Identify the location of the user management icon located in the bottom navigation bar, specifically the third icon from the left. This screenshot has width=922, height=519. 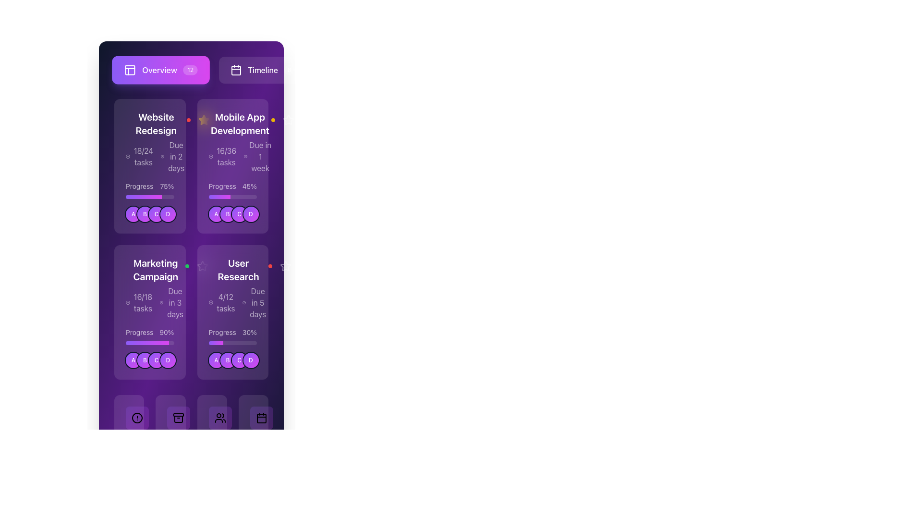
(219, 418).